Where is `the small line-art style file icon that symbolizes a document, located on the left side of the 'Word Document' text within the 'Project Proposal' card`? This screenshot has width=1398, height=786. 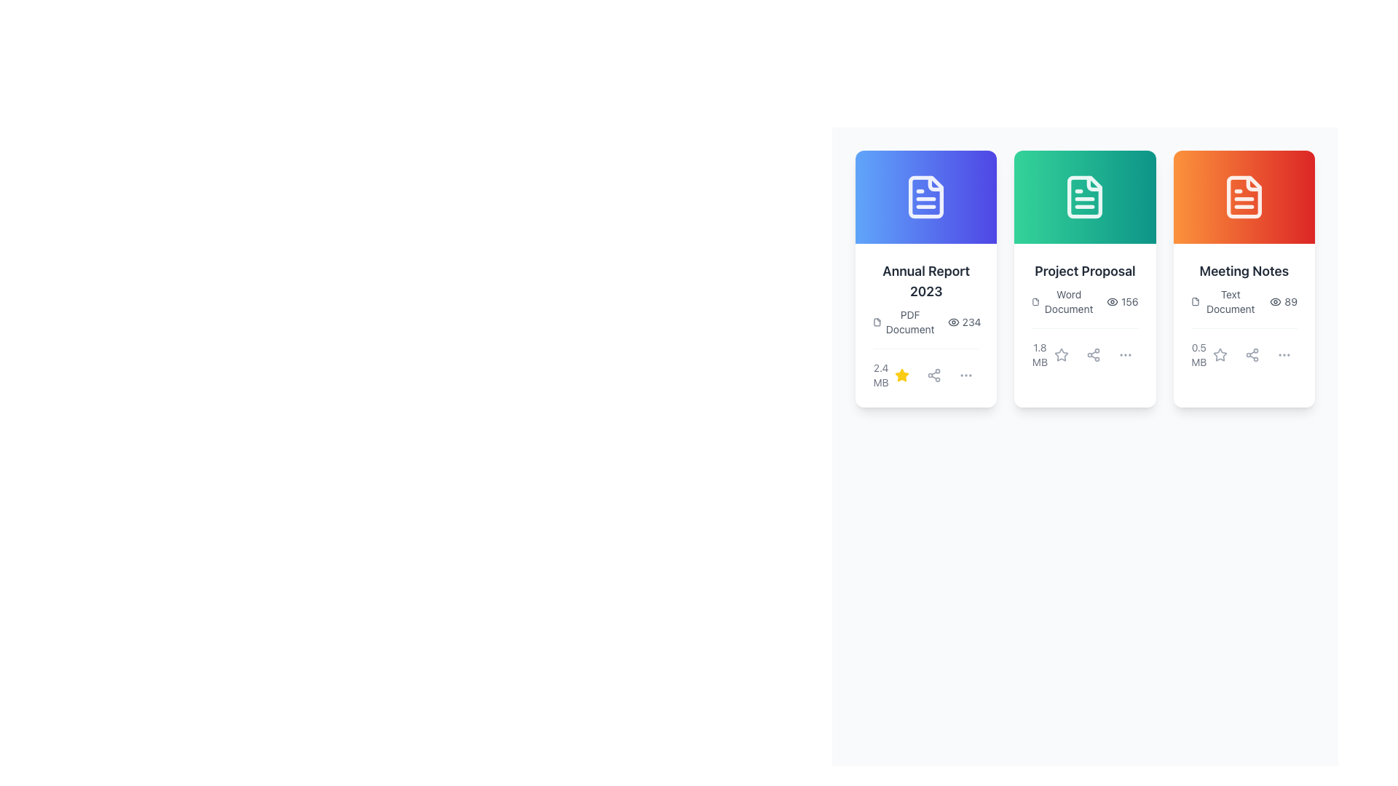 the small line-art style file icon that symbolizes a document, located on the left side of the 'Word Document' text within the 'Project Proposal' card is located at coordinates (1035, 301).